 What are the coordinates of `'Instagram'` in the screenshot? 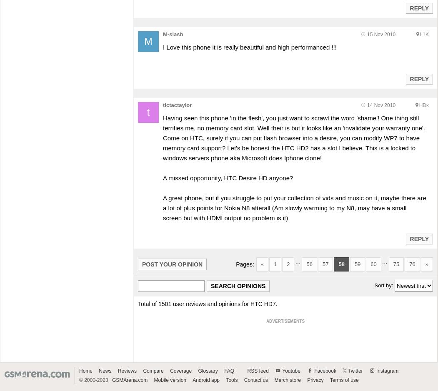 It's located at (387, 371).